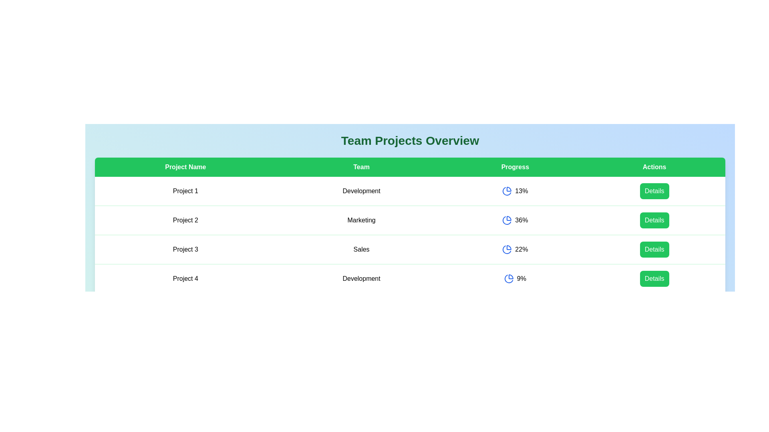 Image resolution: width=769 pixels, height=432 pixels. I want to click on the 'Details' button for the project with the name Project 4, so click(654, 278).